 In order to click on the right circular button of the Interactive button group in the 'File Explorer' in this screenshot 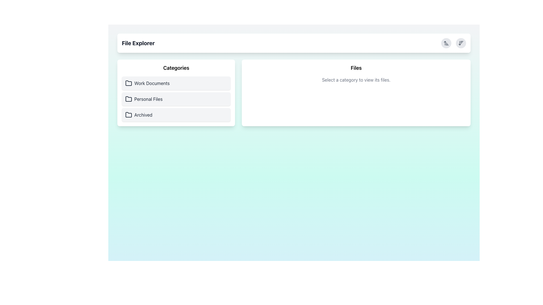, I will do `click(453, 43)`.